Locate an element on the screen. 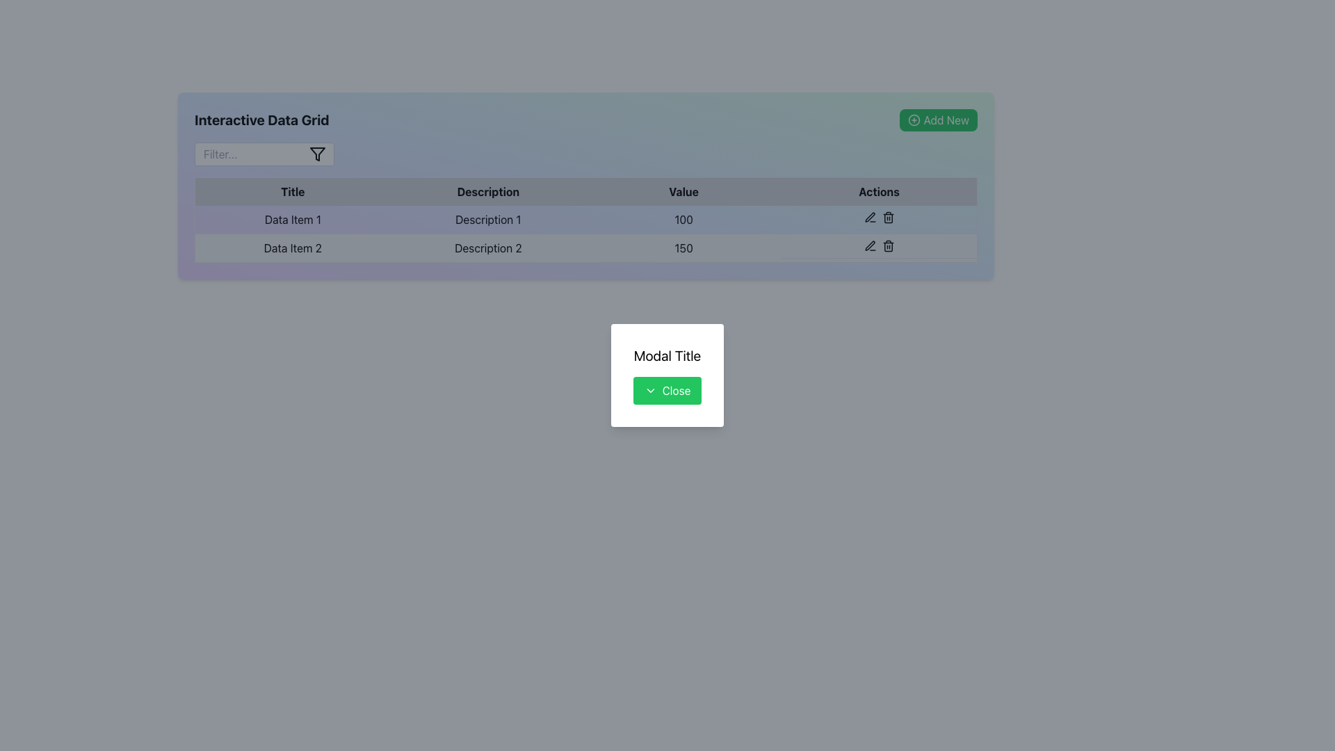 This screenshot has width=1335, height=751. the Delete Icon Button located in the Actions column for Data Item 1, which is positioned in the upper row of a tabular grid is located at coordinates (887, 217).